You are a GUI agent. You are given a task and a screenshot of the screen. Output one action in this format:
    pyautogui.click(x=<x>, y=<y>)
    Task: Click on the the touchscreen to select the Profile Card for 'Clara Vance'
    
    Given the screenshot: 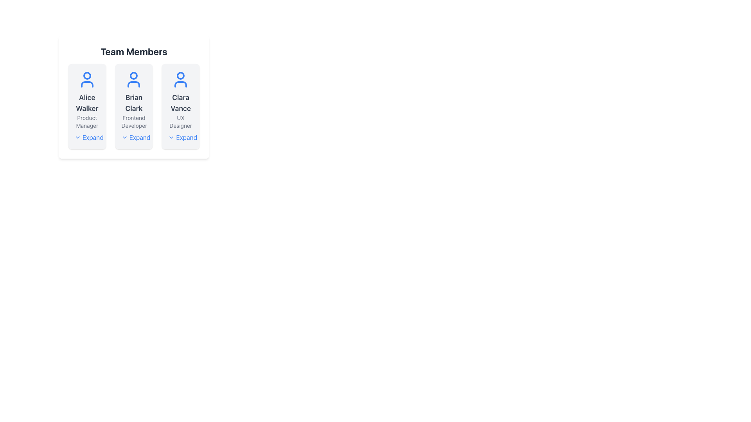 What is the action you would take?
    pyautogui.click(x=180, y=107)
    